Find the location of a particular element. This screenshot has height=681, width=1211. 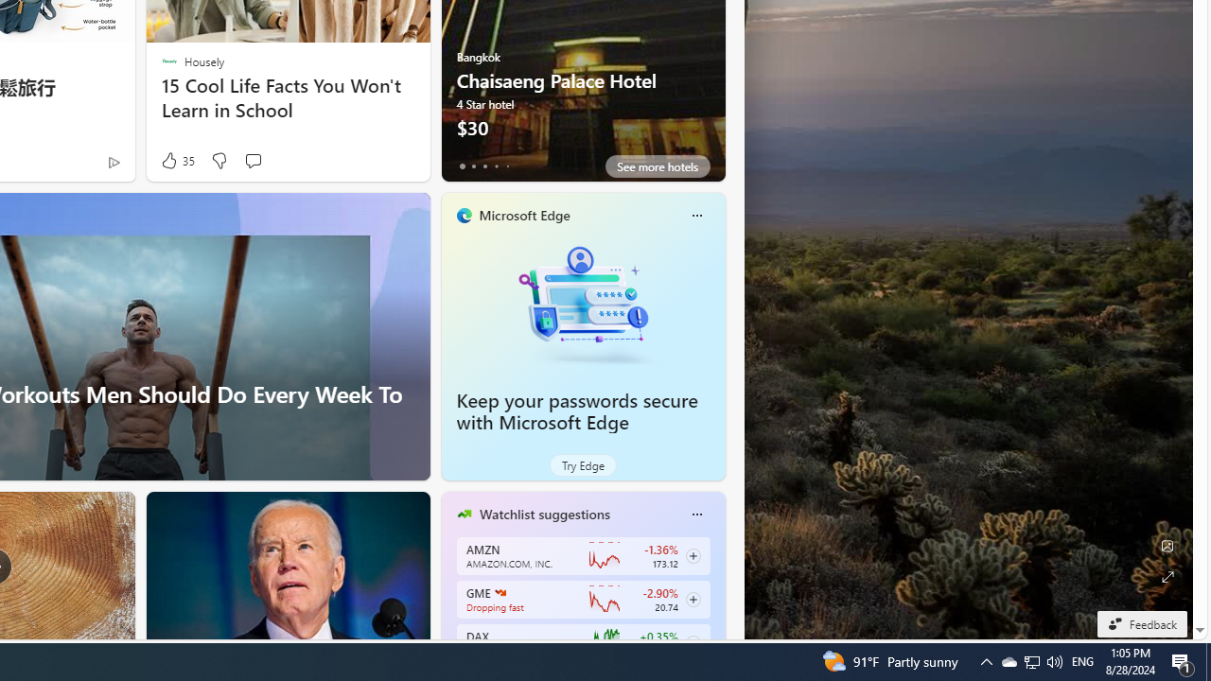

'Class: follow-button  m' is located at coordinates (692, 642).